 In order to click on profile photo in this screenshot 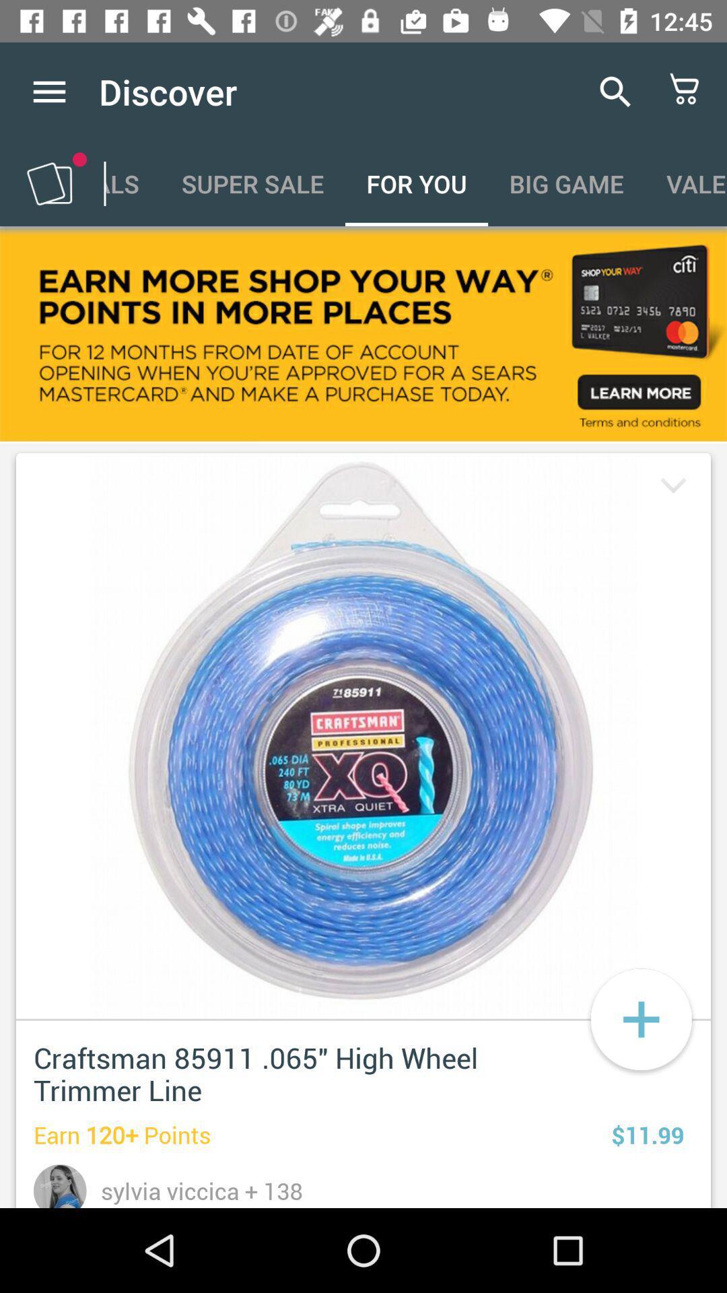, I will do `click(59, 1186)`.